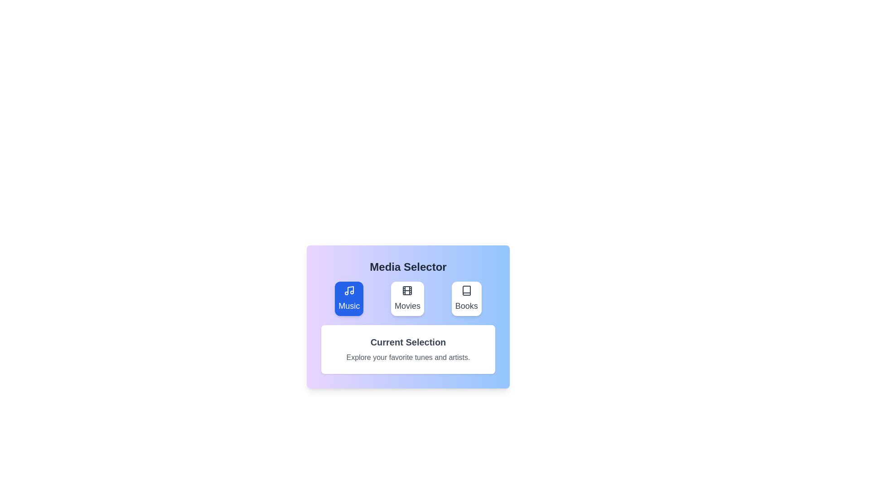 The image size is (870, 489). Describe the element at coordinates (348, 306) in the screenshot. I see `text label displaying 'Music', which is styled with a medium font weight and is white against a blue background, positioned to the left of 'Movies' and 'Books' buttons` at that location.